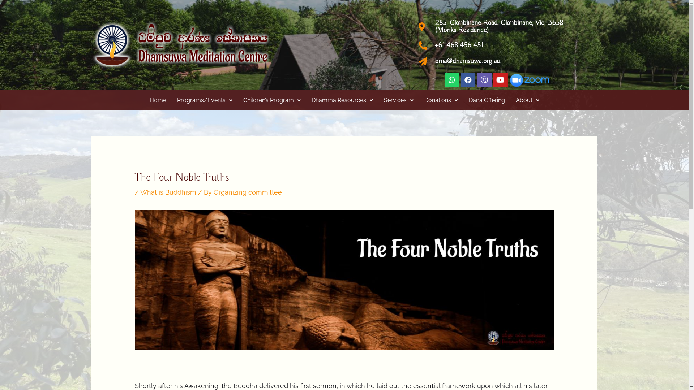 This screenshot has width=694, height=390. Describe the element at coordinates (493, 80) in the screenshot. I see `'Youtube'` at that location.